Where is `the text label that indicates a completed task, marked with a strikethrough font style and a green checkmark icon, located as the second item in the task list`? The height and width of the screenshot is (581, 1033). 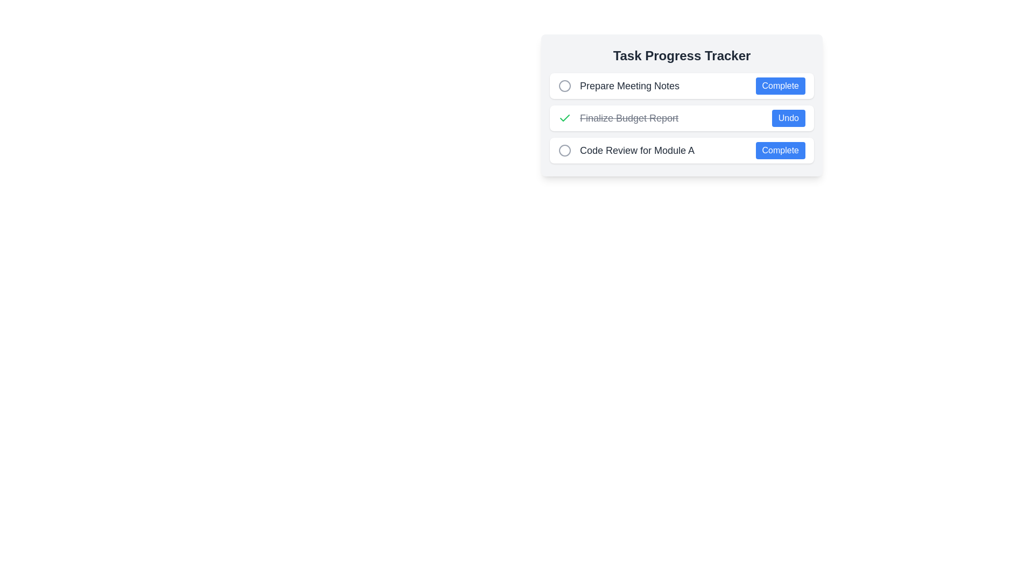
the text label that indicates a completed task, marked with a strikethrough font style and a green checkmark icon, located as the second item in the task list is located at coordinates (618, 118).